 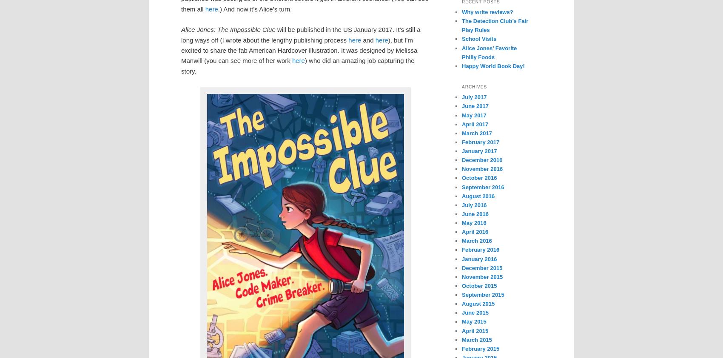 I want to click on 'May 2017', so click(x=474, y=115).